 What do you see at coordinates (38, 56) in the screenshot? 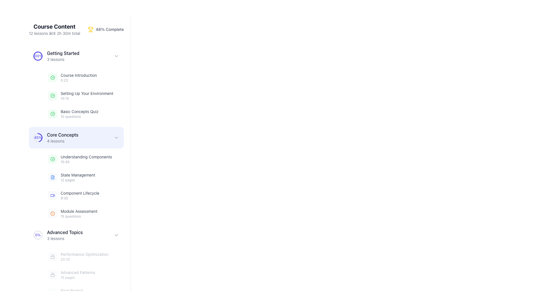
I see `the blue circular progress indicator displaying '100%' which is positioned to the left of the 'Getting Started' text` at bounding box center [38, 56].